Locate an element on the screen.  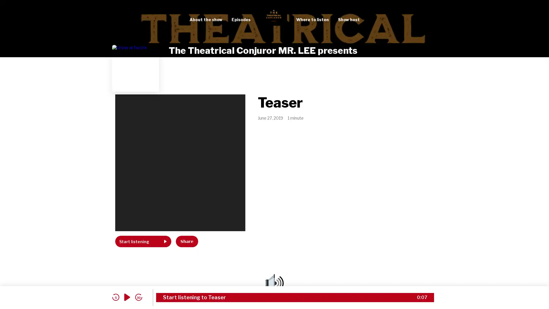
Start listening is located at coordinates (143, 241).